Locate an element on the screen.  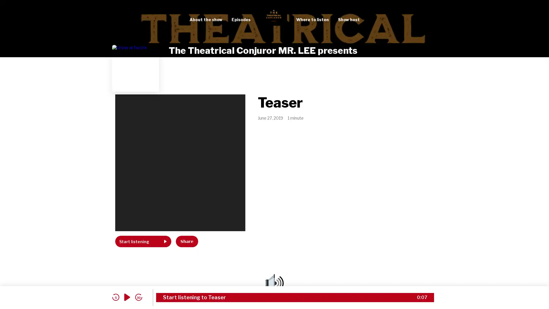
Start listening is located at coordinates (143, 241).